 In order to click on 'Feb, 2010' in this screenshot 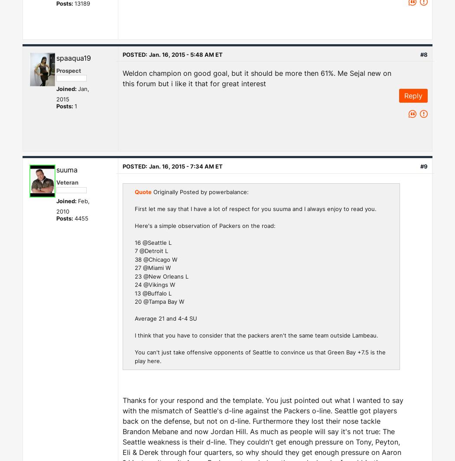, I will do `click(73, 205)`.